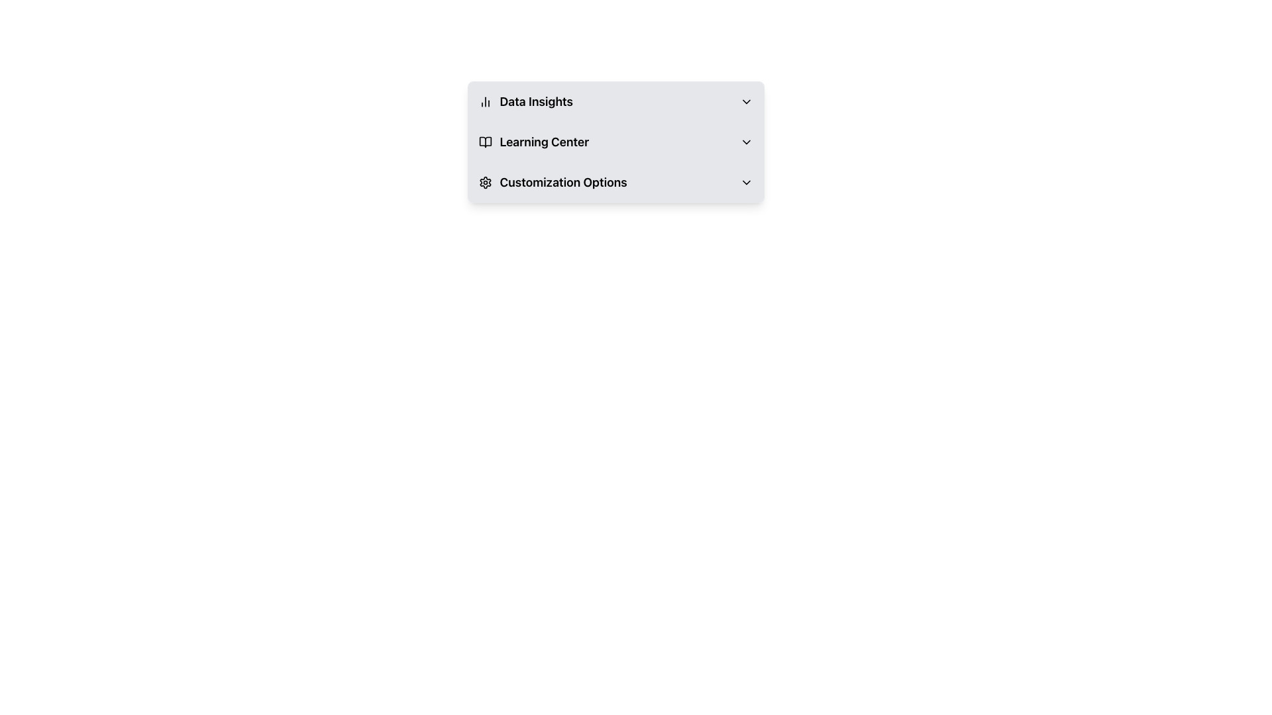  Describe the element at coordinates (484, 101) in the screenshot. I see `the small bar chart icon located to the immediate left of the 'Data Insights' text, which is part of a horizontally arranged group of menu items near the top-left corner of the interface` at that location.